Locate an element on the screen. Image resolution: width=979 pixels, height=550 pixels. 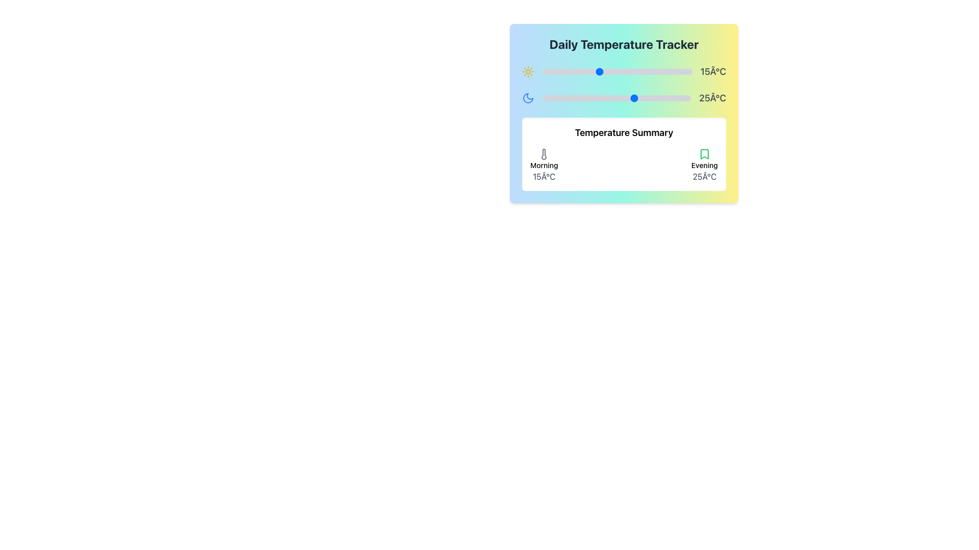
the slider value is located at coordinates (631, 98).